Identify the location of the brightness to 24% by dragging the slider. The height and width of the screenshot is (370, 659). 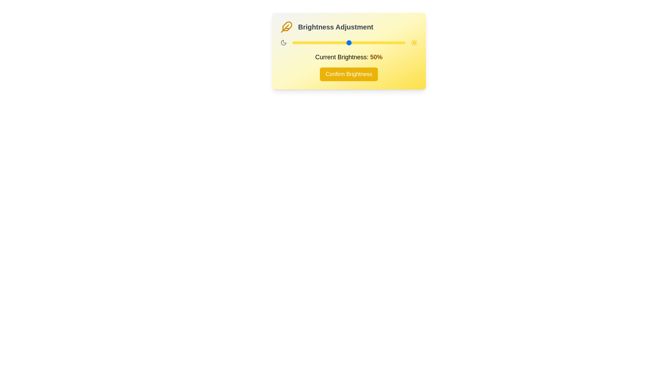
(319, 42).